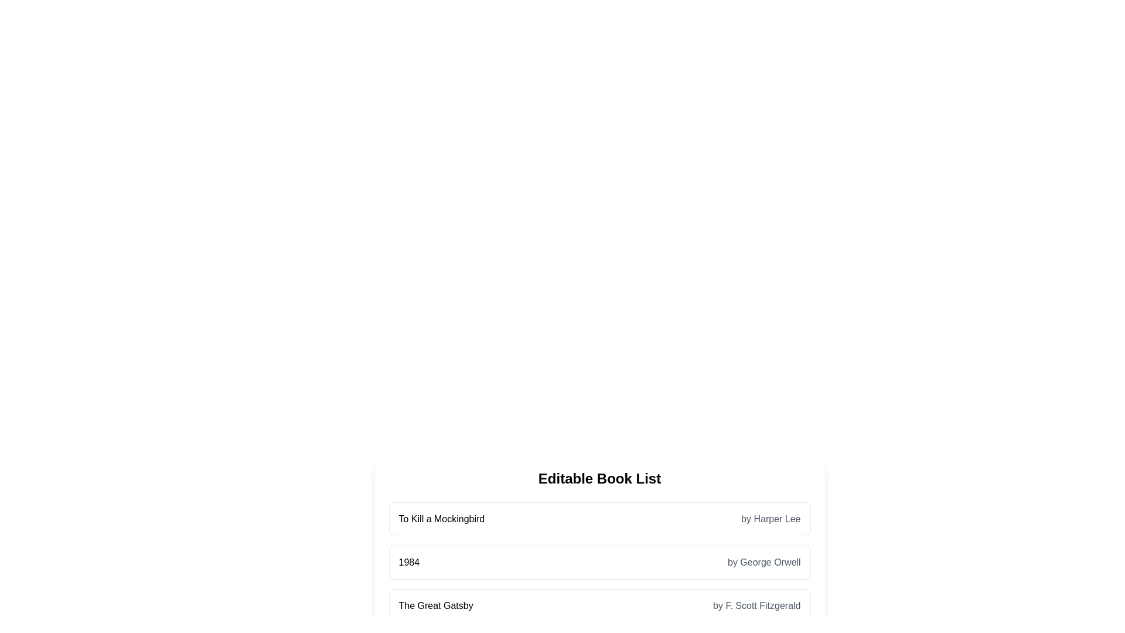  Describe the element at coordinates (599, 562) in the screenshot. I see `to select the second book entry in the list, which displays the title and author of the book` at that location.